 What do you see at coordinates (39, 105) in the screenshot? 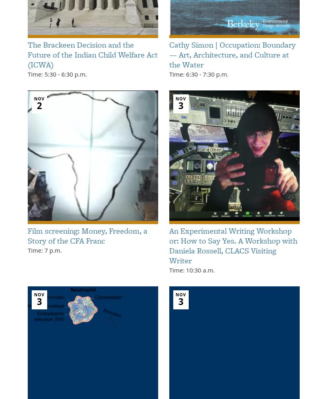
I see `'2'` at bounding box center [39, 105].